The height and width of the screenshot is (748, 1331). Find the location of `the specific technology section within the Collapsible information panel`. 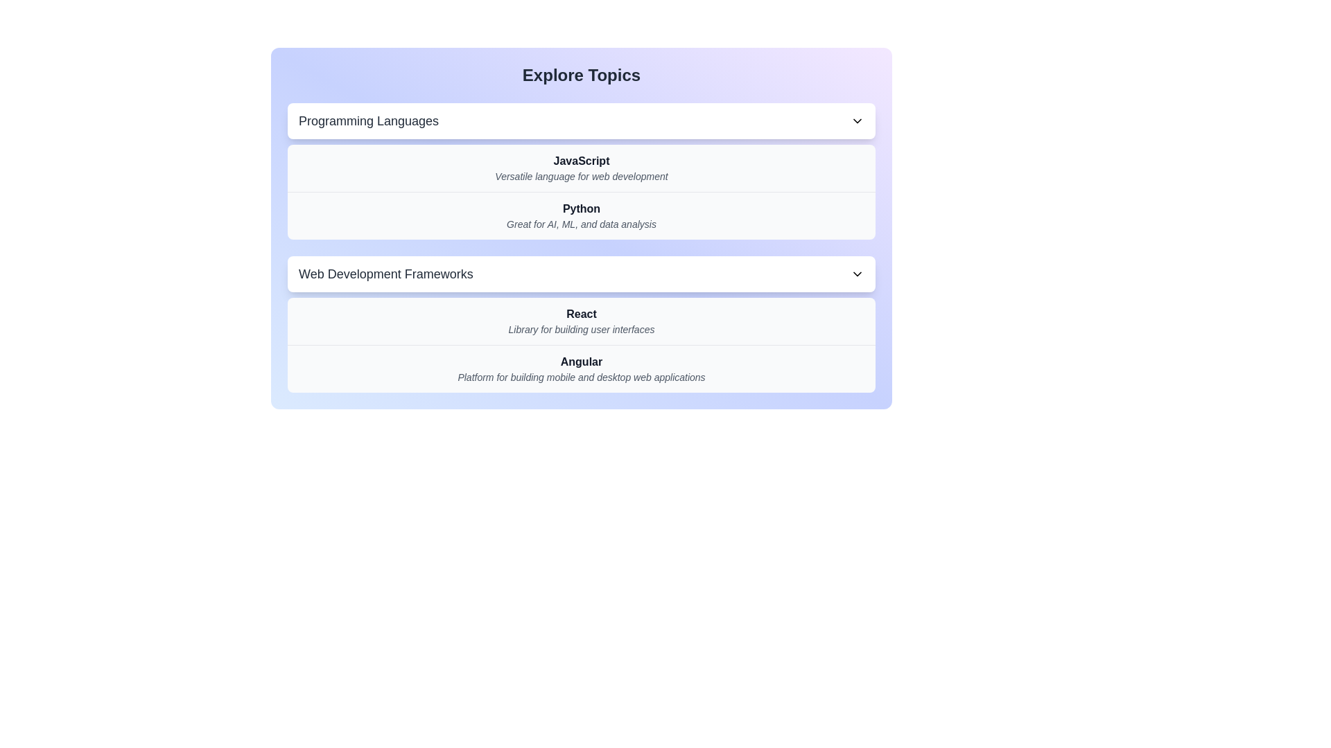

the specific technology section within the Collapsible information panel is located at coordinates (582, 228).